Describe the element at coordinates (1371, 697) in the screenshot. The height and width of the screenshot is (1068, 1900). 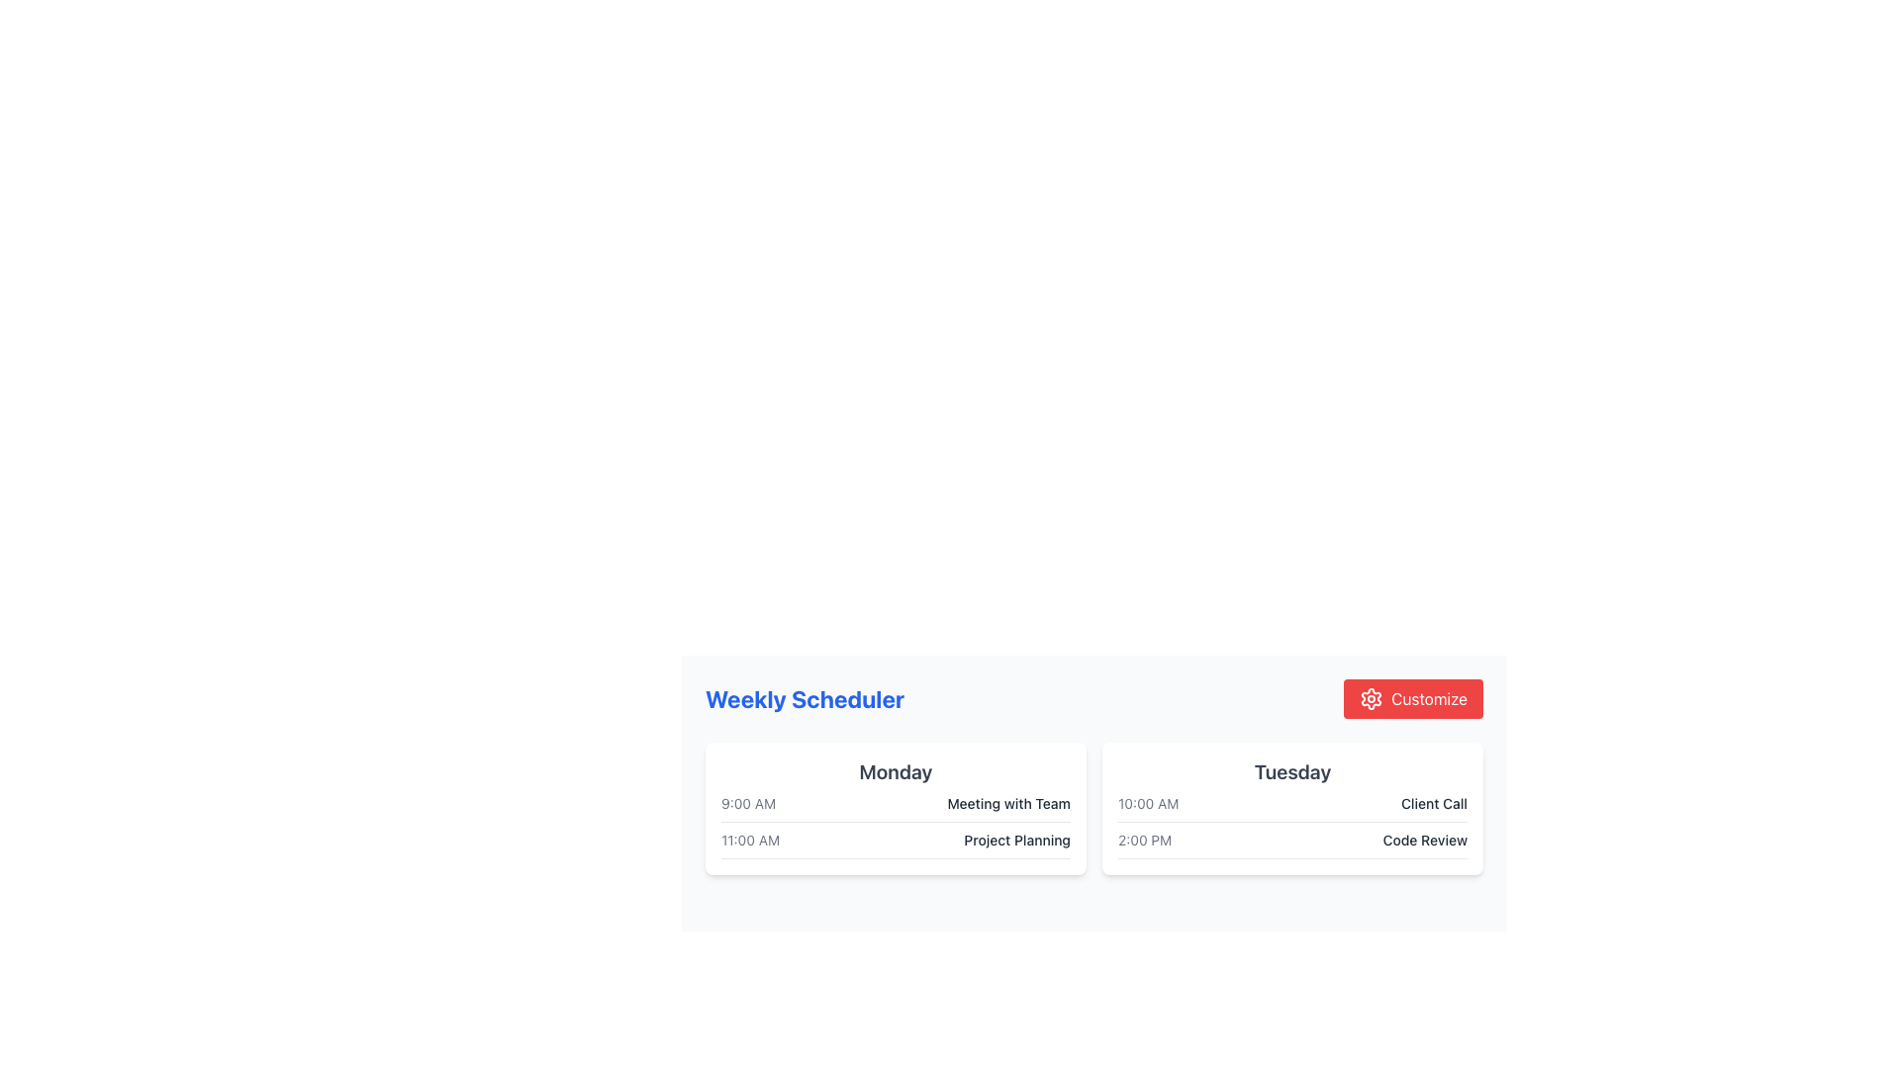
I see `the cogwheel icon, which is styled with a red color fill and located at the top right corner of the widget, adjacent to the 'Customize' label` at that location.